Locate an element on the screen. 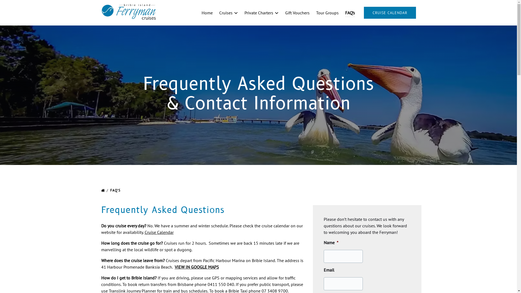 The height and width of the screenshot is (293, 521). 'Skip to primary navigation' is located at coordinates (27, 6).